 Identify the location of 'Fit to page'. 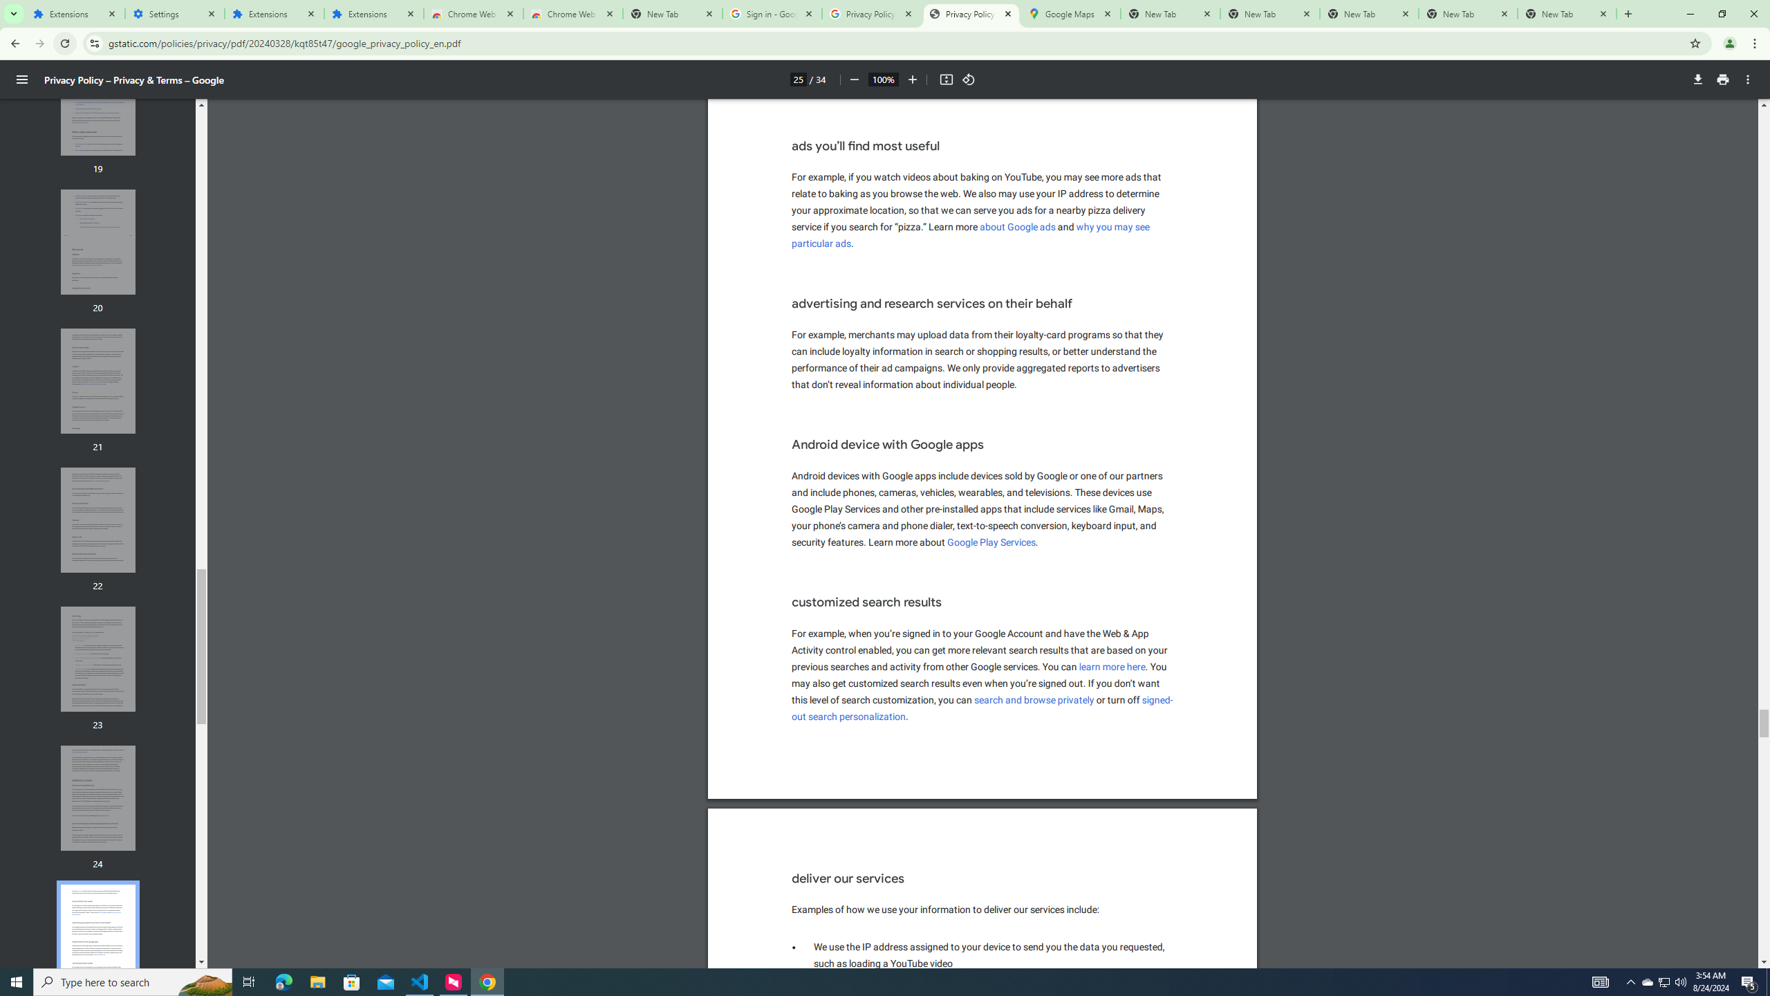
(945, 79).